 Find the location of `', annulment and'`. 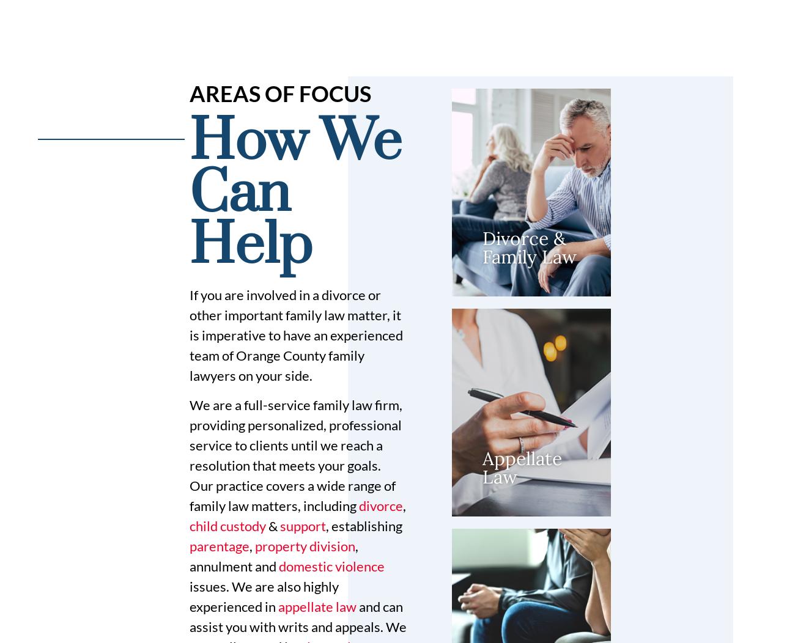

', annulment and' is located at coordinates (273, 556).